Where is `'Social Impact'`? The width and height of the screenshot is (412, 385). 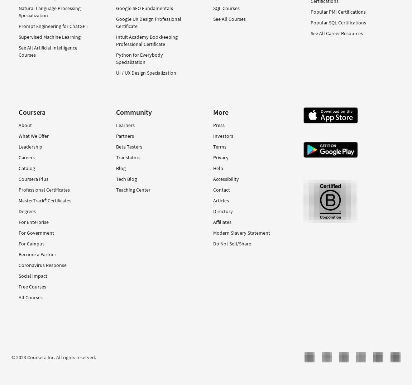
'Social Impact' is located at coordinates (33, 275).